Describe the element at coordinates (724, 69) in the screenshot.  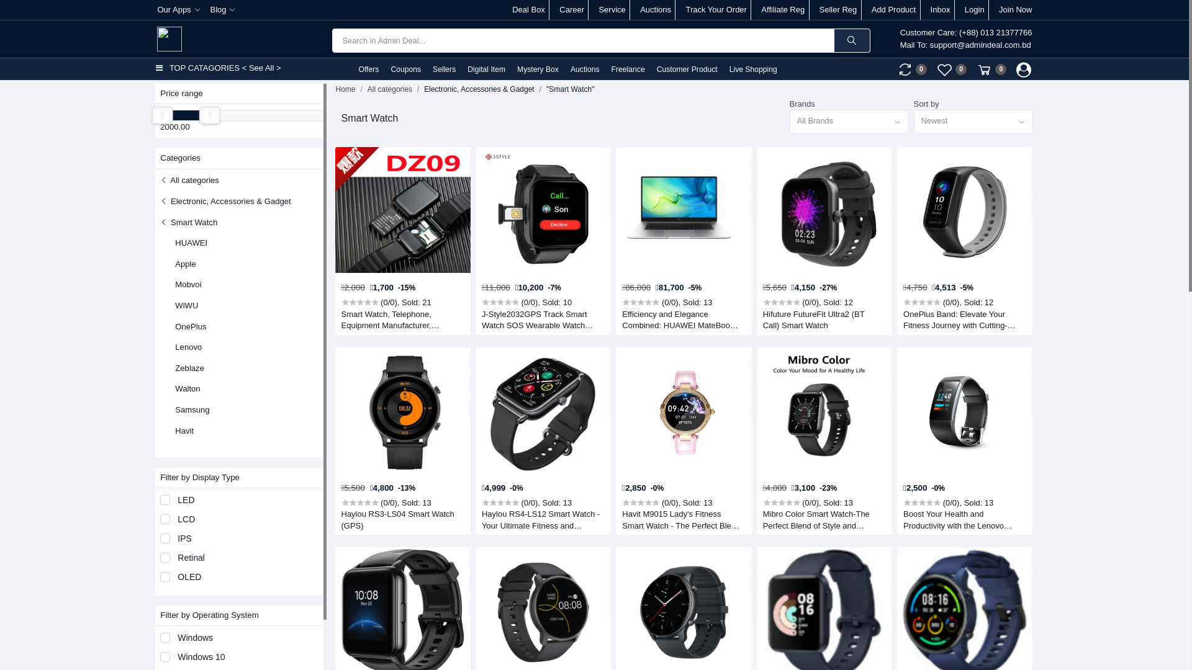
I see `'Live Shopping'` at that location.